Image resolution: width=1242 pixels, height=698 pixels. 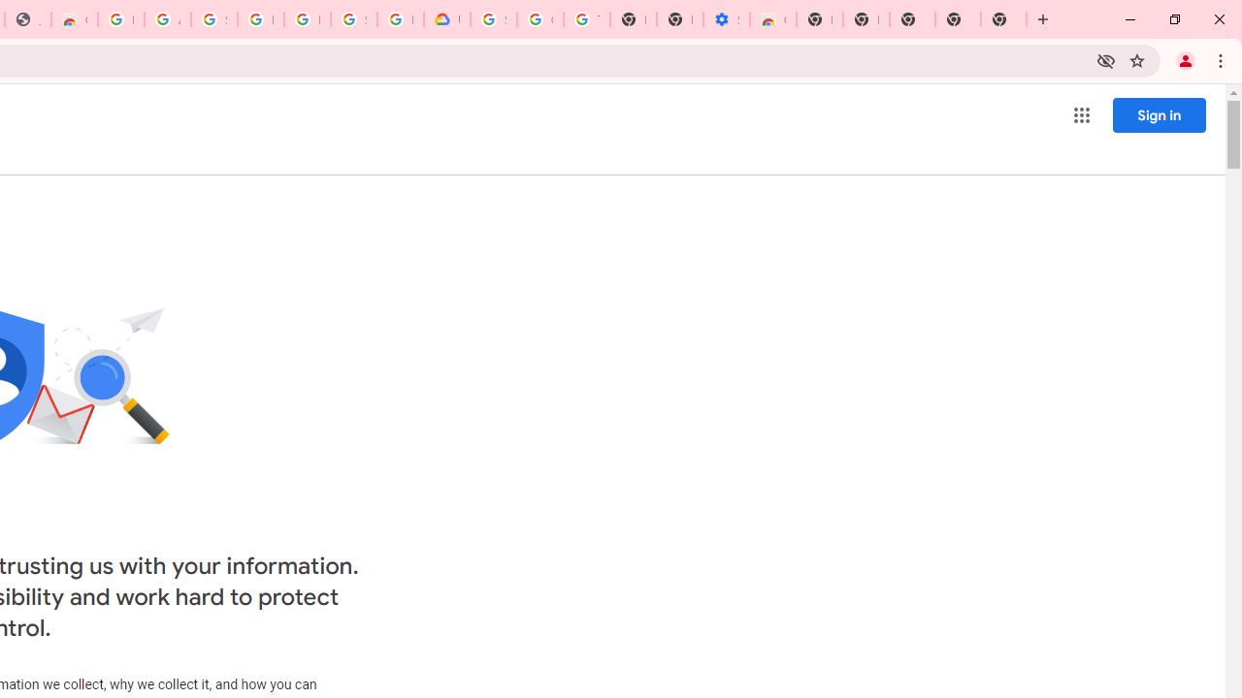 I want to click on 'Chrome Web Store - Accessibility extensions', so click(x=771, y=19).